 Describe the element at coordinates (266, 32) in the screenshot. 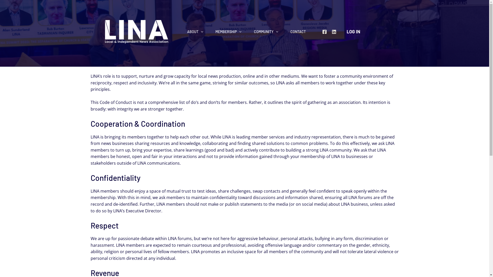

I see `'COMMUNITY'` at that location.